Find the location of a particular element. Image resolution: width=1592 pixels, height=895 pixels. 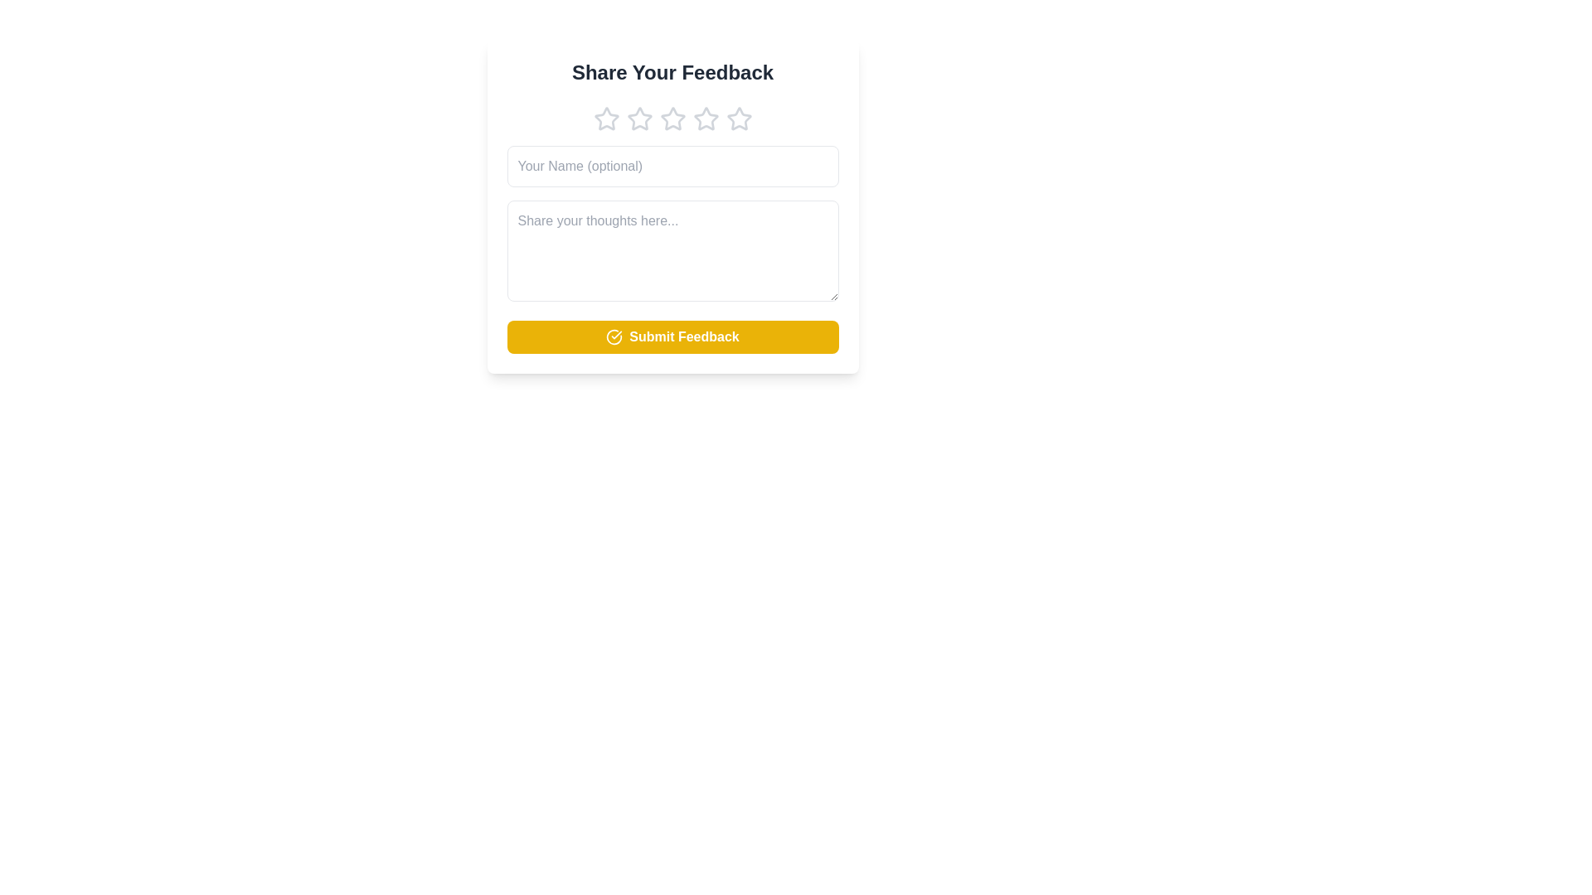

the third star icon is located at coordinates (706, 118).